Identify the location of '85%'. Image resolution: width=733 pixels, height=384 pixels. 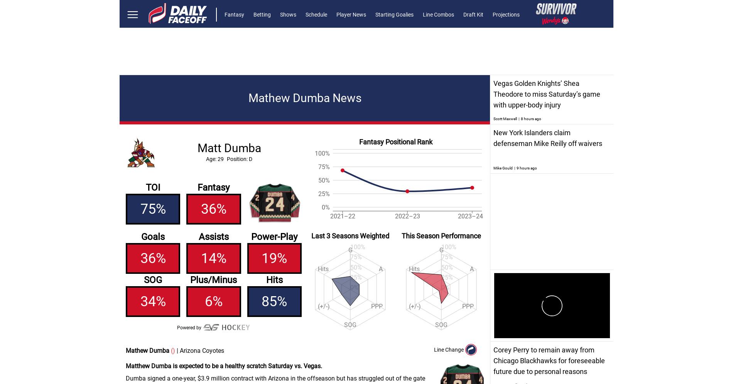
(274, 301).